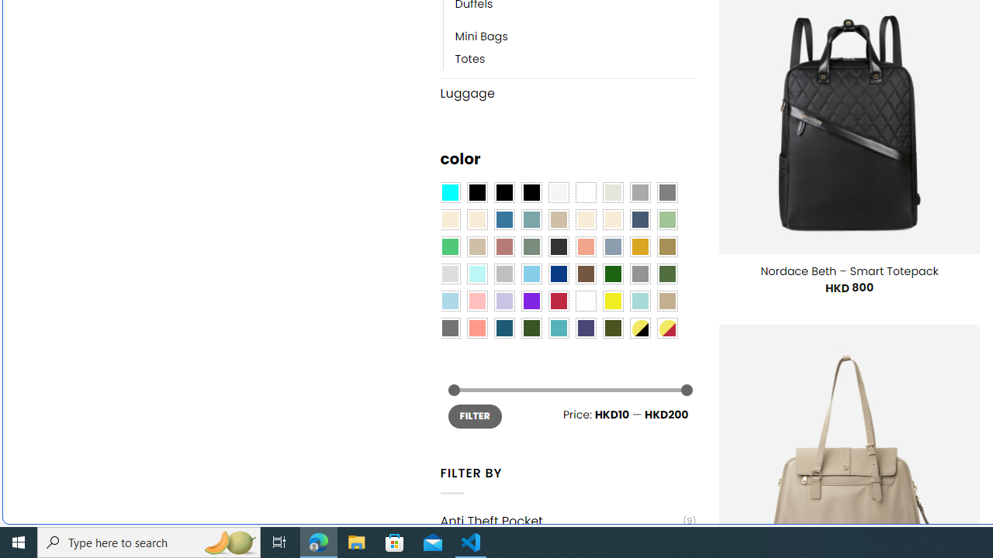 This screenshot has width=993, height=558. What do you see at coordinates (476, 192) in the screenshot?
I see `'All Black'` at bounding box center [476, 192].